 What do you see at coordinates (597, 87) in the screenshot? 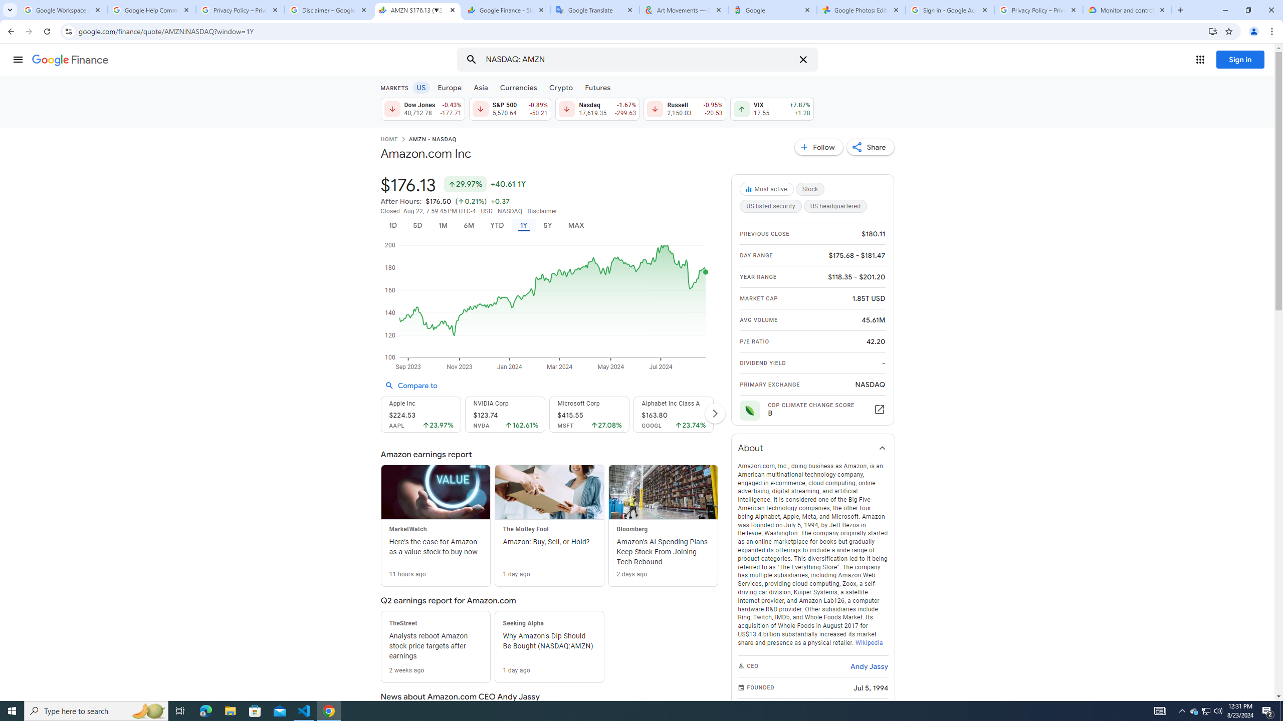
I see `'Futures'` at bounding box center [597, 87].